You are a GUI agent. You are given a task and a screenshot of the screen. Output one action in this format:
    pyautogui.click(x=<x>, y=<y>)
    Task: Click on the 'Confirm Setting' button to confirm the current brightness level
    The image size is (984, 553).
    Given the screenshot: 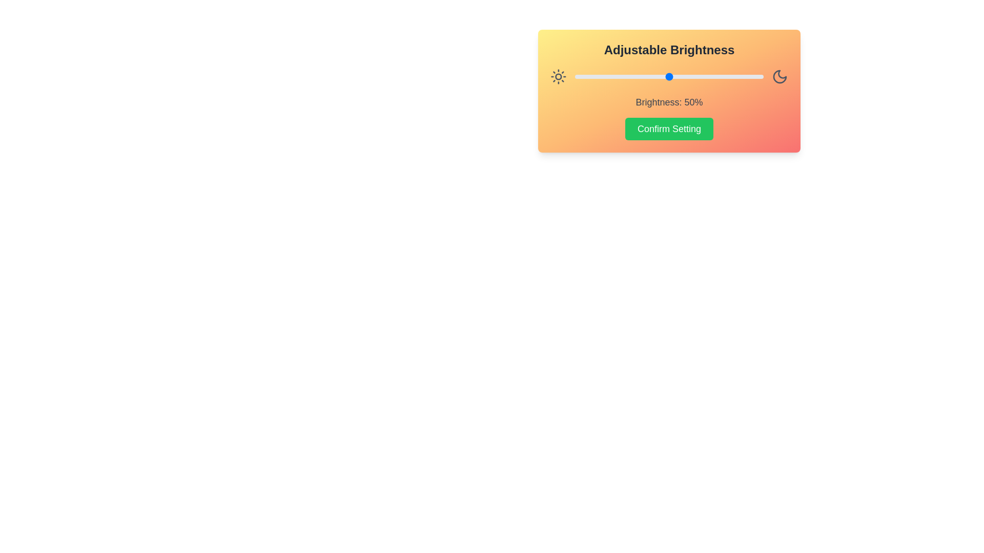 What is the action you would take?
    pyautogui.click(x=669, y=128)
    